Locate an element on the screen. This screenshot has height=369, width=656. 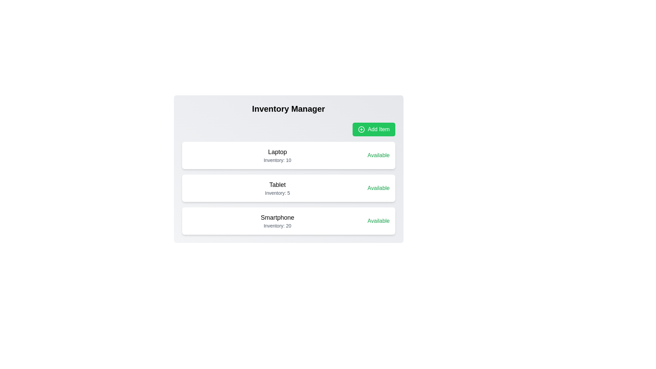
the 'Add Item' button to add a new item to the inventory is located at coordinates (373, 129).